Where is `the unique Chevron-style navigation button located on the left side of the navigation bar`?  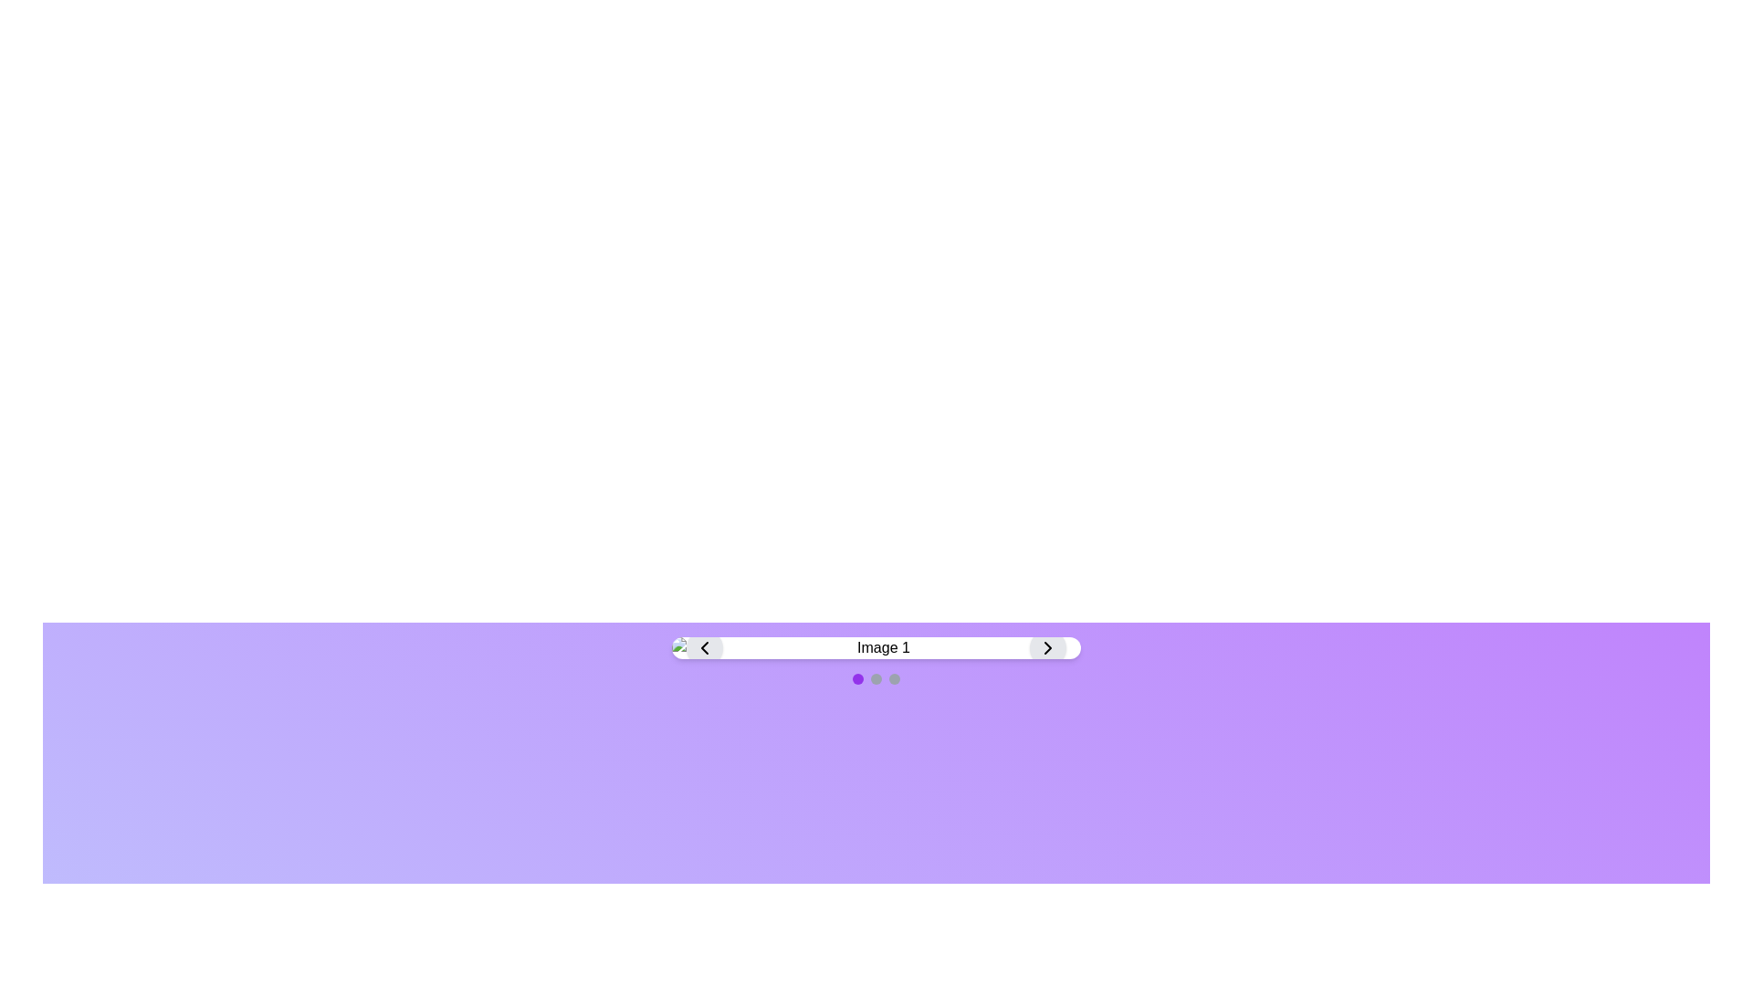 the unique Chevron-style navigation button located on the left side of the navigation bar is located at coordinates (704, 646).